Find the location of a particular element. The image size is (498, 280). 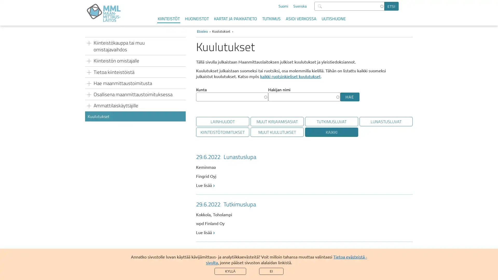

LUNASTUSLUVAT is located at coordinates (386, 122).